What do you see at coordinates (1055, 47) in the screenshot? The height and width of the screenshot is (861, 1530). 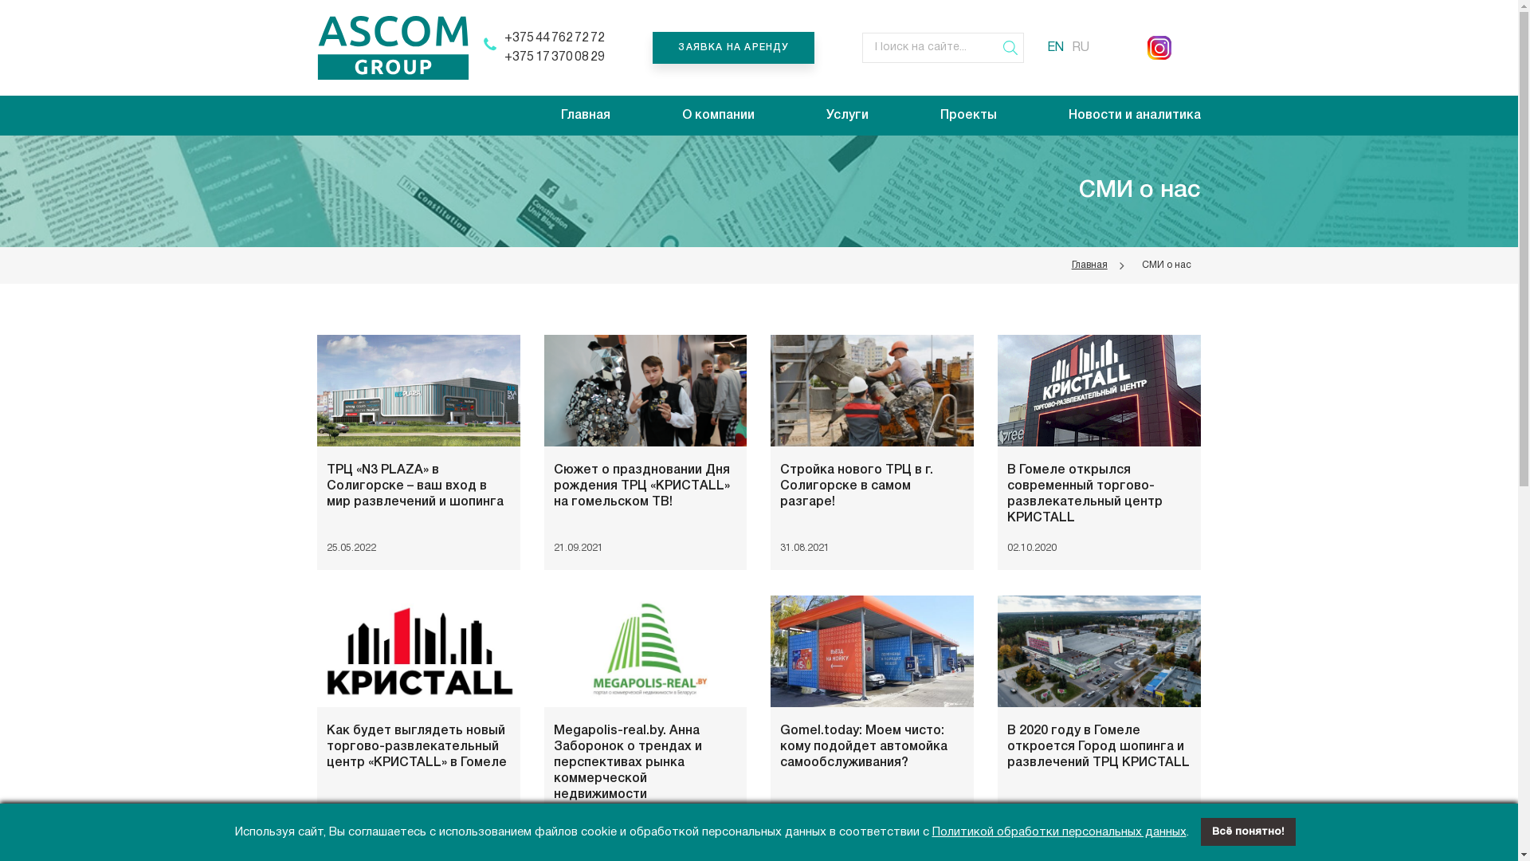 I see `'EN'` at bounding box center [1055, 47].